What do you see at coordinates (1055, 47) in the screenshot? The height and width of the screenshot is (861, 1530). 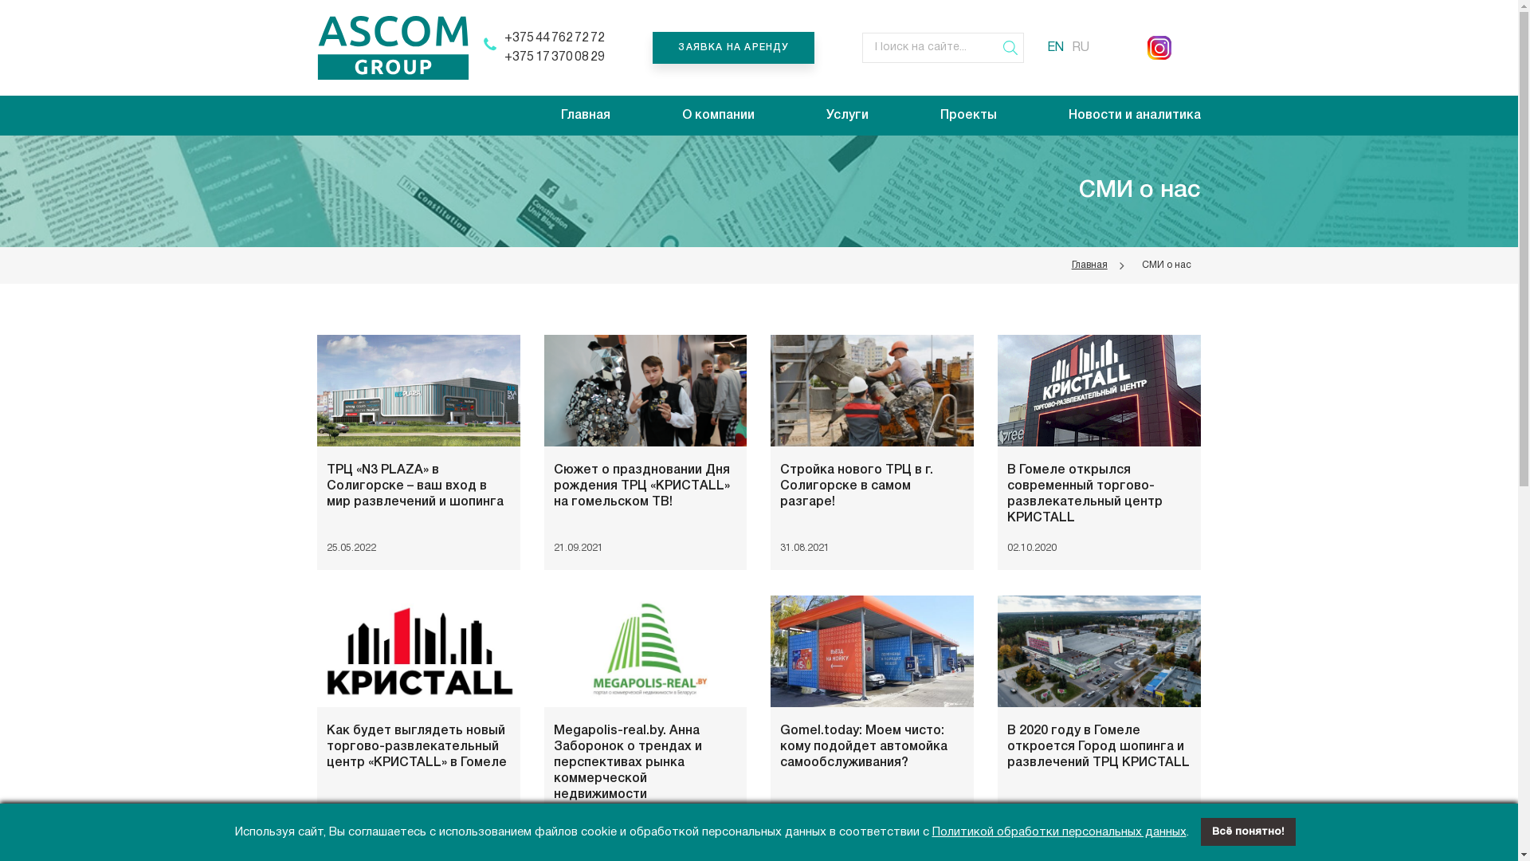 I see `'EN'` at bounding box center [1055, 47].